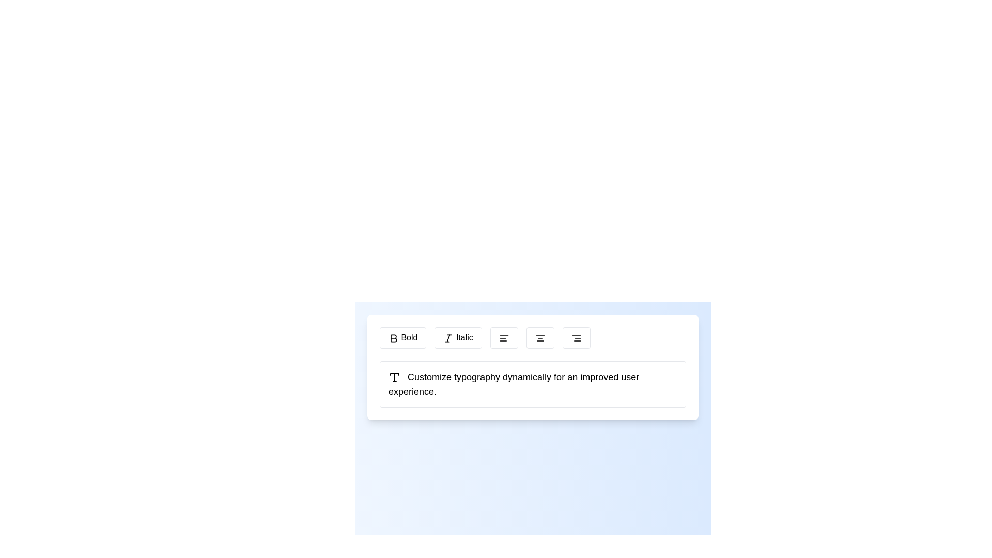  Describe the element at coordinates (458, 338) in the screenshot. I see `the 'Italic' button with a slanted italic 'I' icon` at that location.